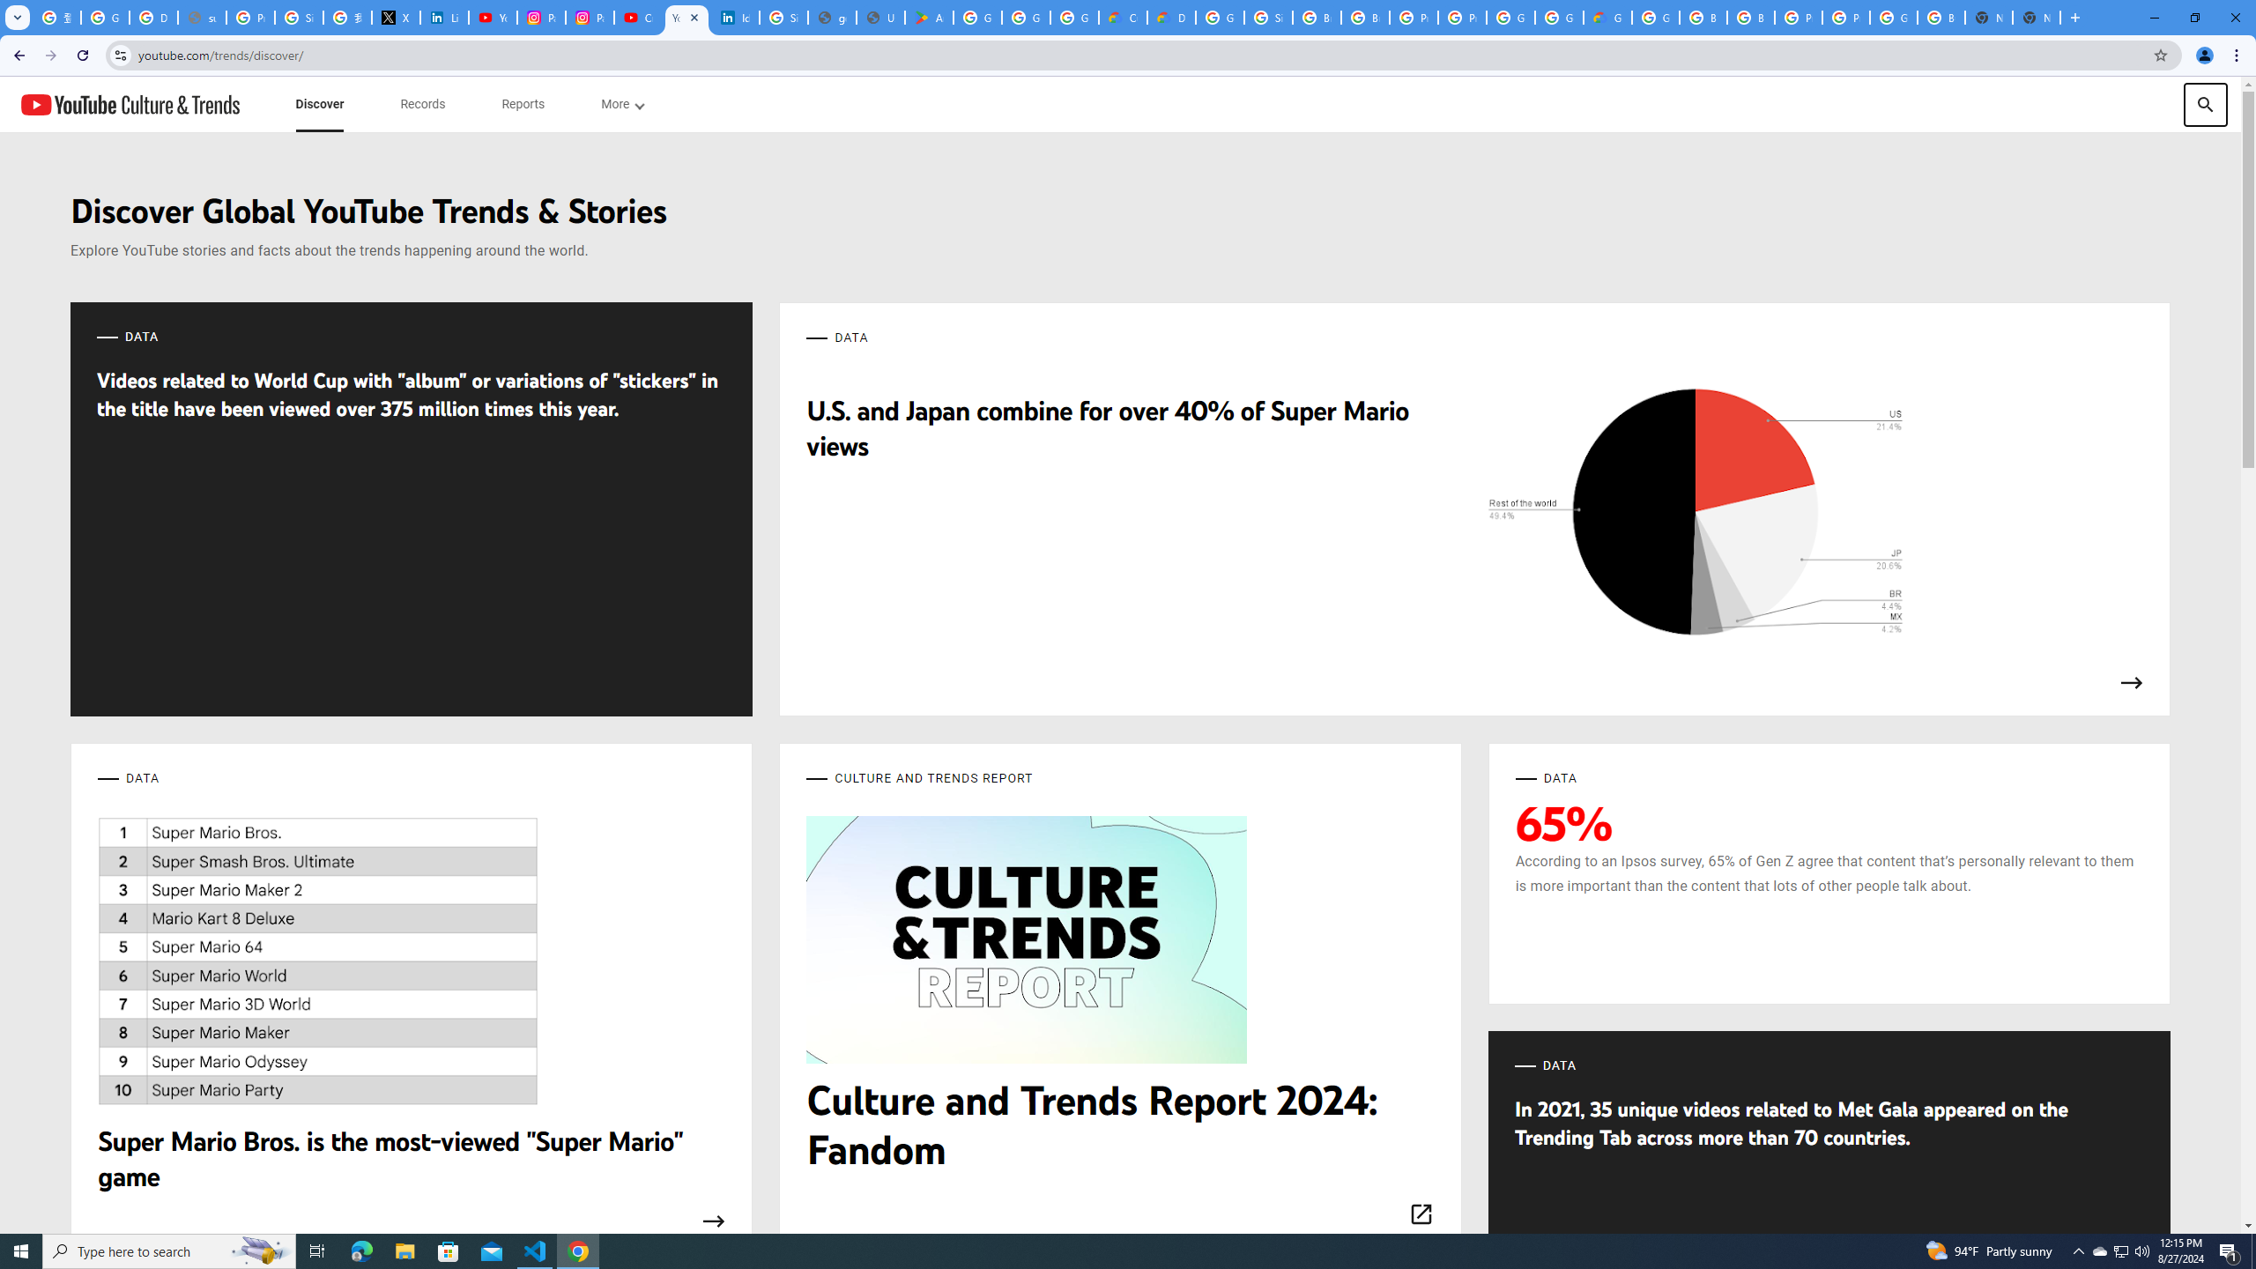  What do you see at coordinates (522, 104) in the screenshot?
I see `'subnav-Reports menupopup'` at bounding box center [522, 104].